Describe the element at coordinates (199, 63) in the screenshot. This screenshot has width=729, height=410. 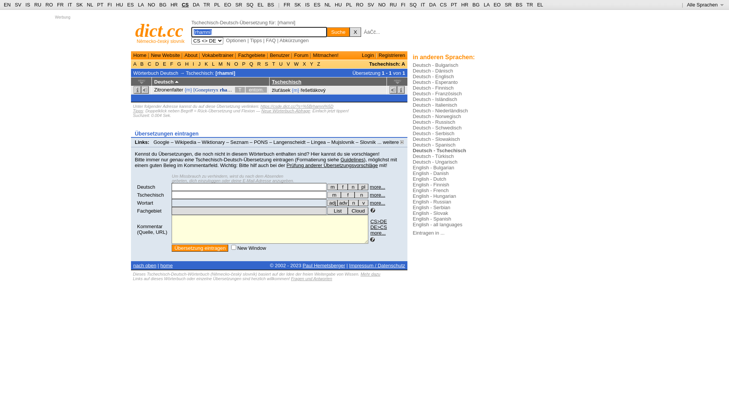
I see `'J'` at that location.